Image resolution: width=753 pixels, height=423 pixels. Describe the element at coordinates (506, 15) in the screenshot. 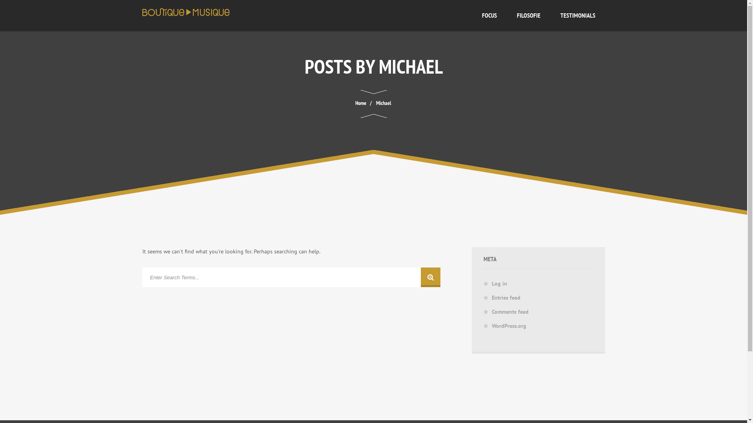

I see `'FILOSOFIE'` at that location.